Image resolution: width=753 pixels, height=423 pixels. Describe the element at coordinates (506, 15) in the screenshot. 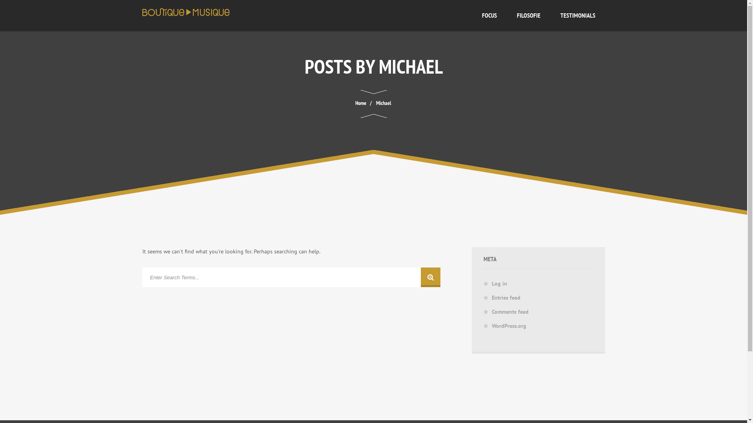

I see `'FILOSOFIE'` at that location.